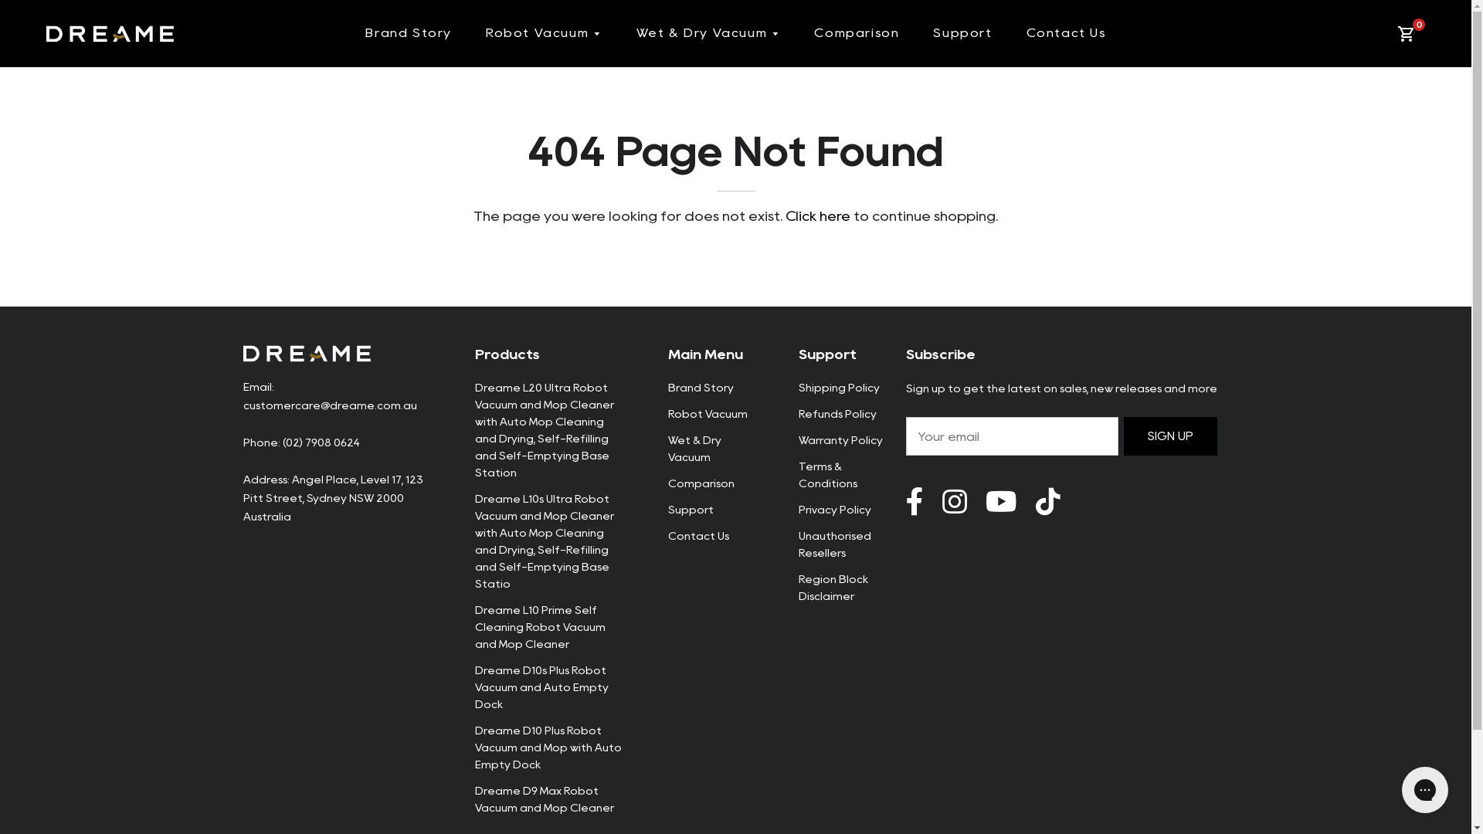 The width and height of the screenshot is (1483, 834). What do you see at coordinates (693, 449) in the screenshot?
I see `'Wet & Dry Vacuum'` at bounding box center [693, 449].